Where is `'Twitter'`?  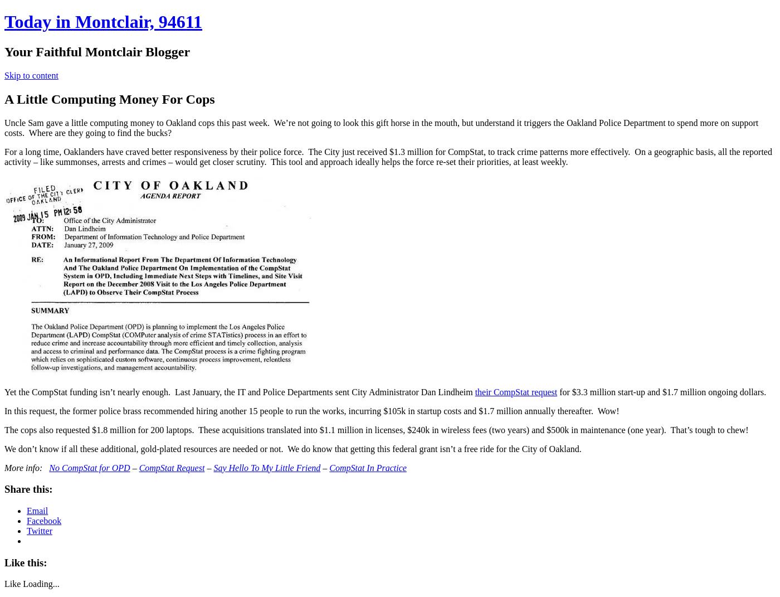 'Twitter' is located at coordinates (39, 530).